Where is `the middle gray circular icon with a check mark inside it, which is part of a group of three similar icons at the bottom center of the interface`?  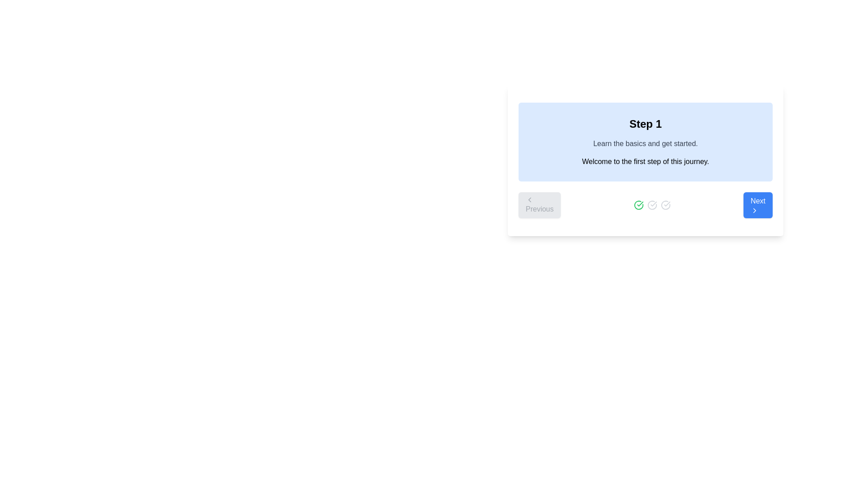 the middle gray circular icon with a check mark inside it, which is part of a group of three similar icons at the bottom center of the interface is located at coordinates (652, 205).